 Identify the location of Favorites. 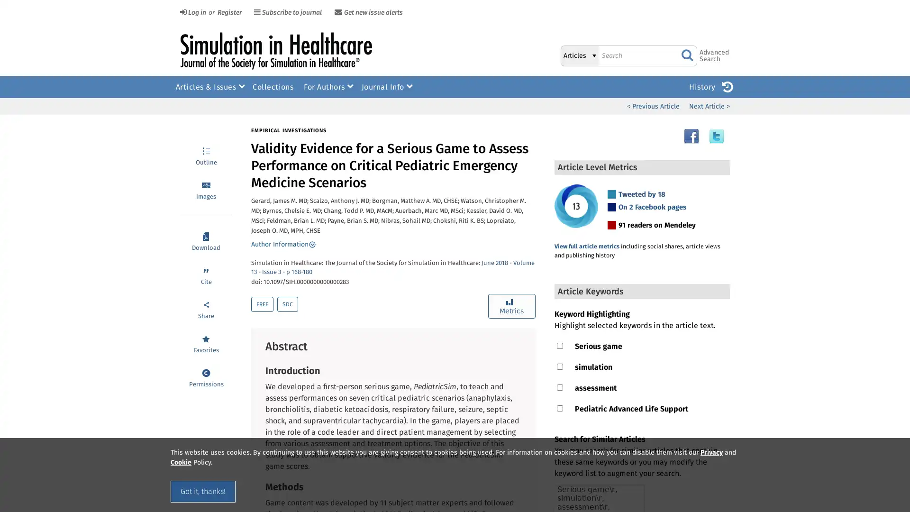
(206, 343).